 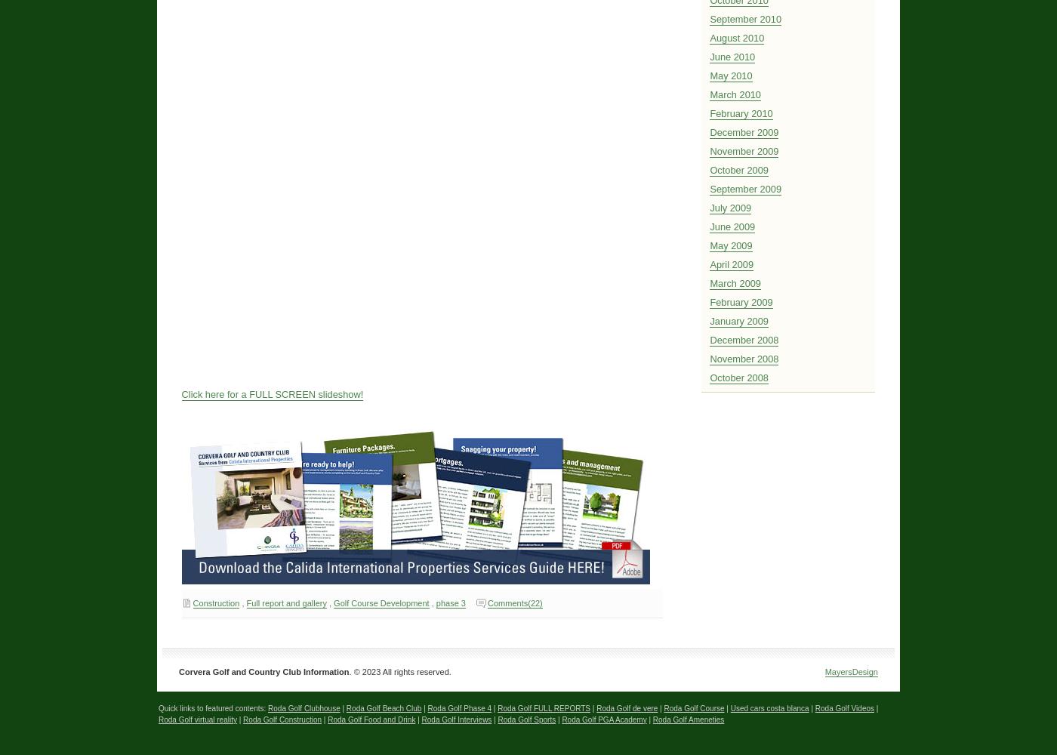 I want to click on 'June 2009', so click(x=732, y=226).